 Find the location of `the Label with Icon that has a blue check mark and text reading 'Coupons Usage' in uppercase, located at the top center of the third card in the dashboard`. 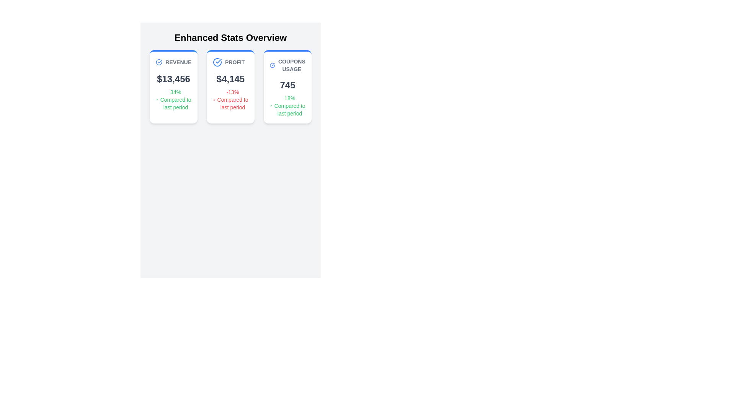

the Label with Icon that has a blue check mark and text reading 'Coupons Usage' in uppercase, located at the top center of the third card in the dashboard is located at coordinates (287, 65).